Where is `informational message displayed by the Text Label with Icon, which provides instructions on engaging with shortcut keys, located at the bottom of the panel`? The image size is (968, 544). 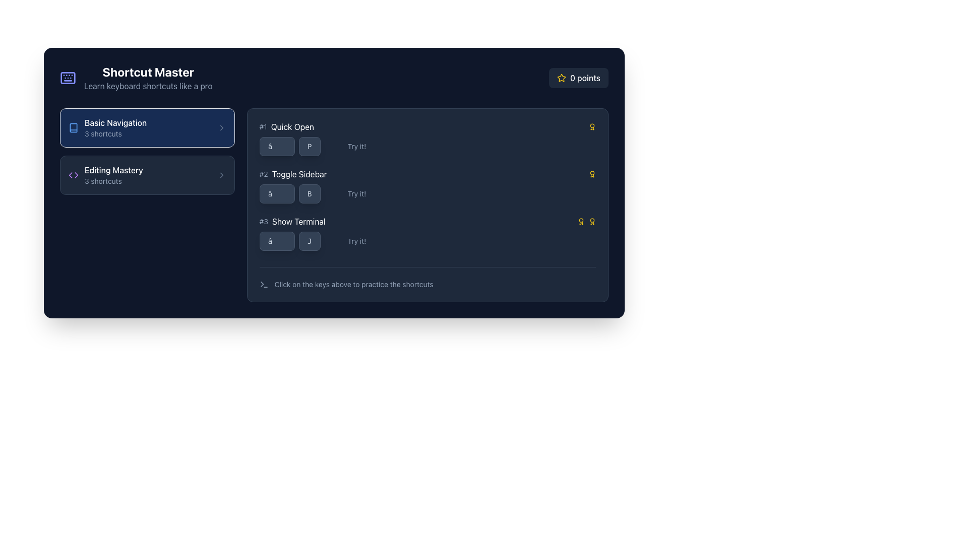
informational message displayed by the Text Label with Icon, which provides instructions on engaging with shortcut keys, located at the bottom of the panel is located at coordinates (428, 278).